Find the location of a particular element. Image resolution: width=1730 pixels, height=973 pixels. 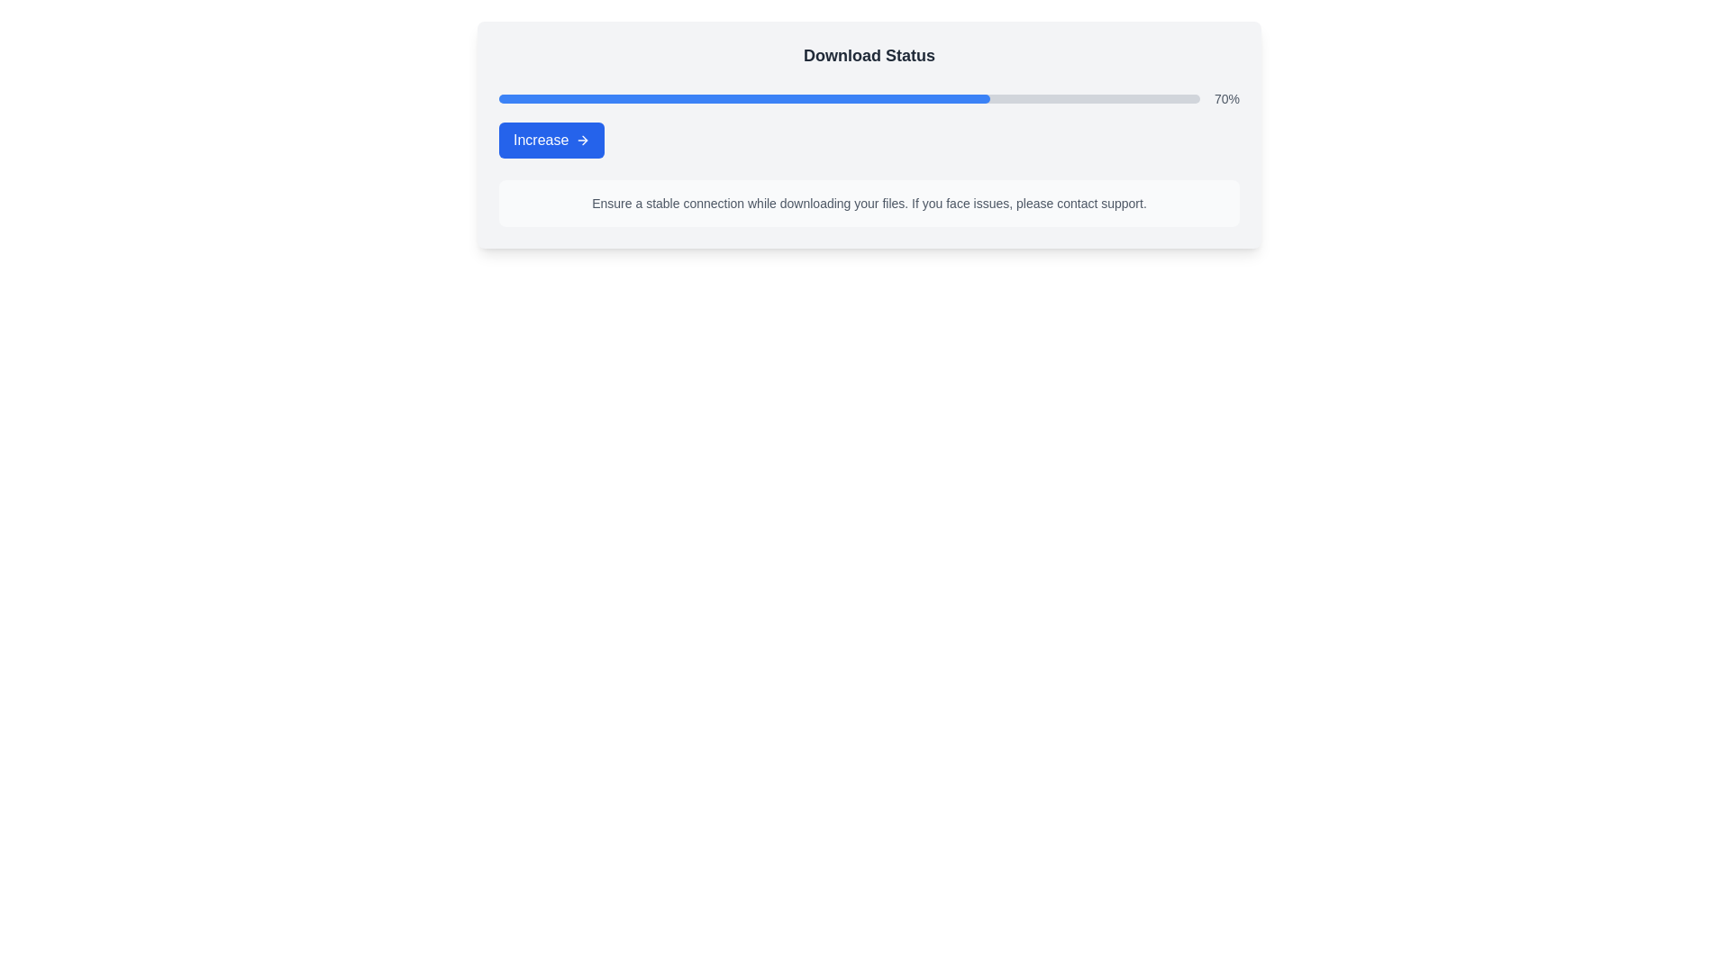

the progress bar indicating '70%' in the 'Download Status' section to observe details is located at coordinates (869, 99).